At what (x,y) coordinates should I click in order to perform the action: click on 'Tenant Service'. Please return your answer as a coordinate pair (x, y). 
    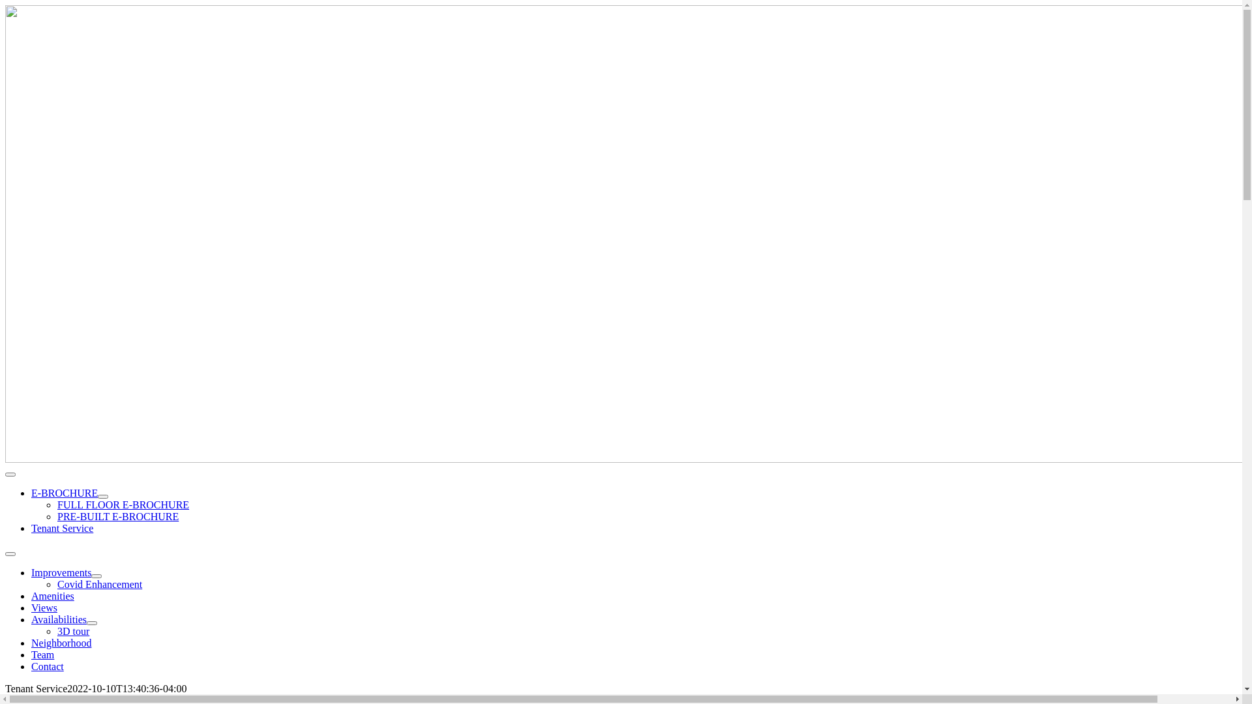
    Looking at the image, I should click on (61, 528).